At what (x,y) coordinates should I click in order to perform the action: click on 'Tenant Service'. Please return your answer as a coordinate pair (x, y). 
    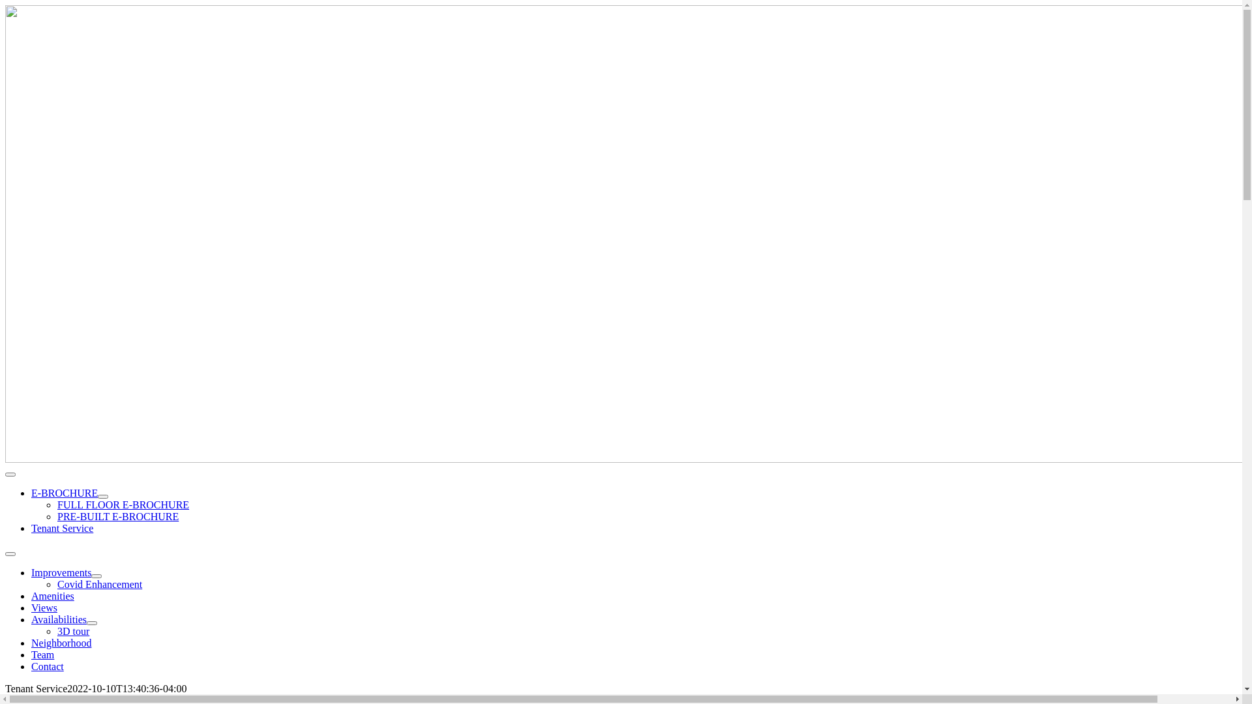
    Looking at the image, I should click on (61, 528).